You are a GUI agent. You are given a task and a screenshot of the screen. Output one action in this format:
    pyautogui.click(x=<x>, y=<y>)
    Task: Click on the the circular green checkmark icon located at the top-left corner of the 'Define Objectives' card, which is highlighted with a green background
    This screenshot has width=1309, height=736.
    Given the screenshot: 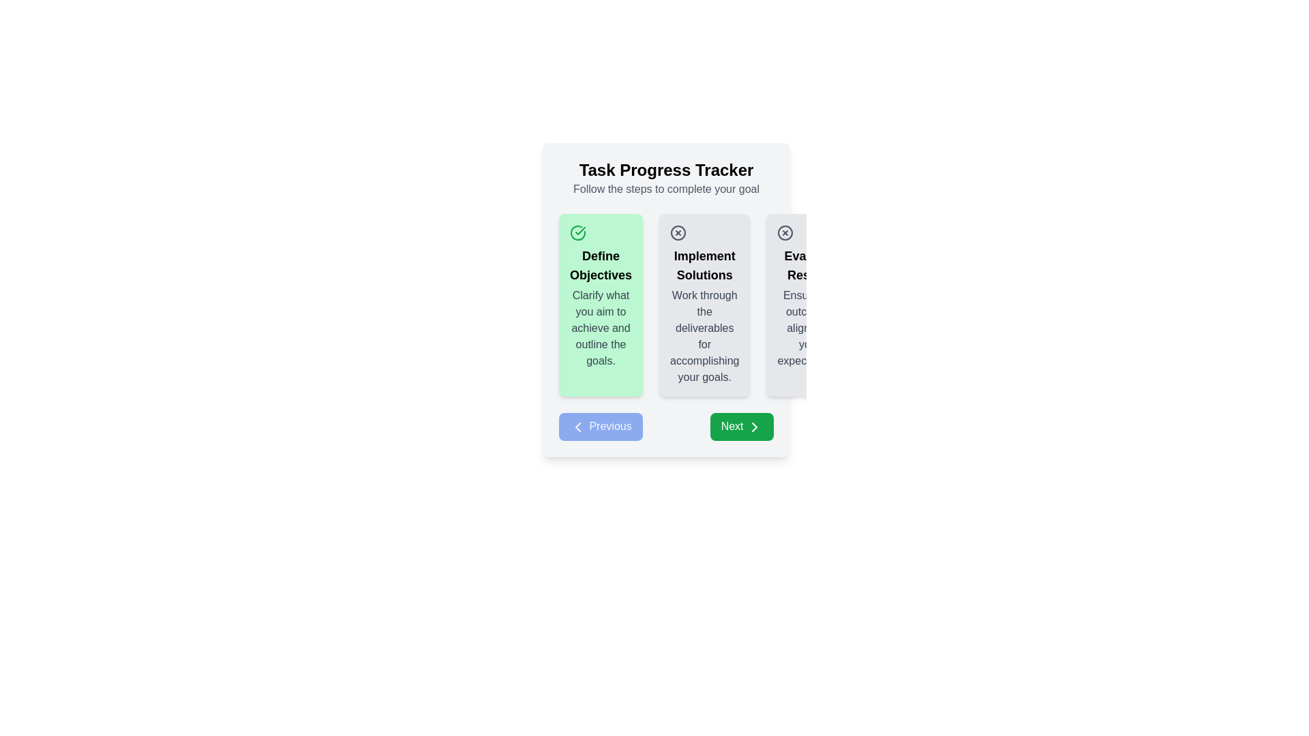 What is the action you would take?
    pyautogui.click(x=578, y=232)
    